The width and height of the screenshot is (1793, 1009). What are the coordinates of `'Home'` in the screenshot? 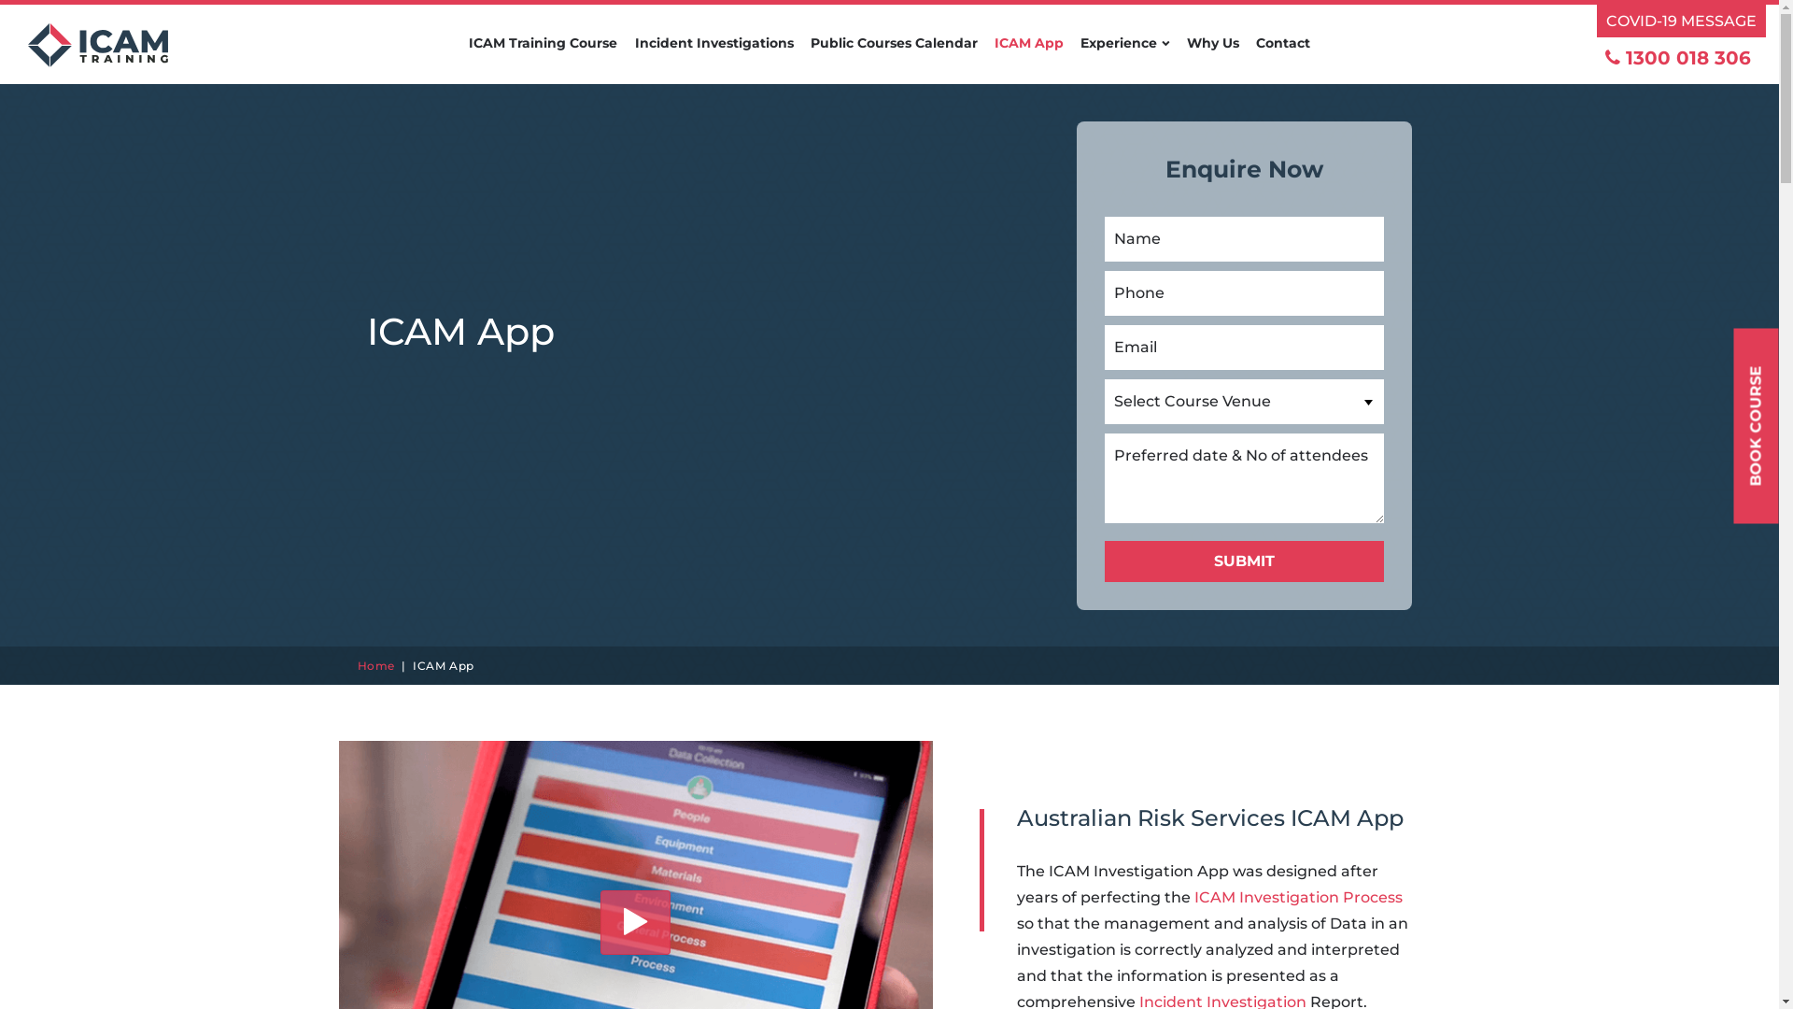 It's located at (374, 664).